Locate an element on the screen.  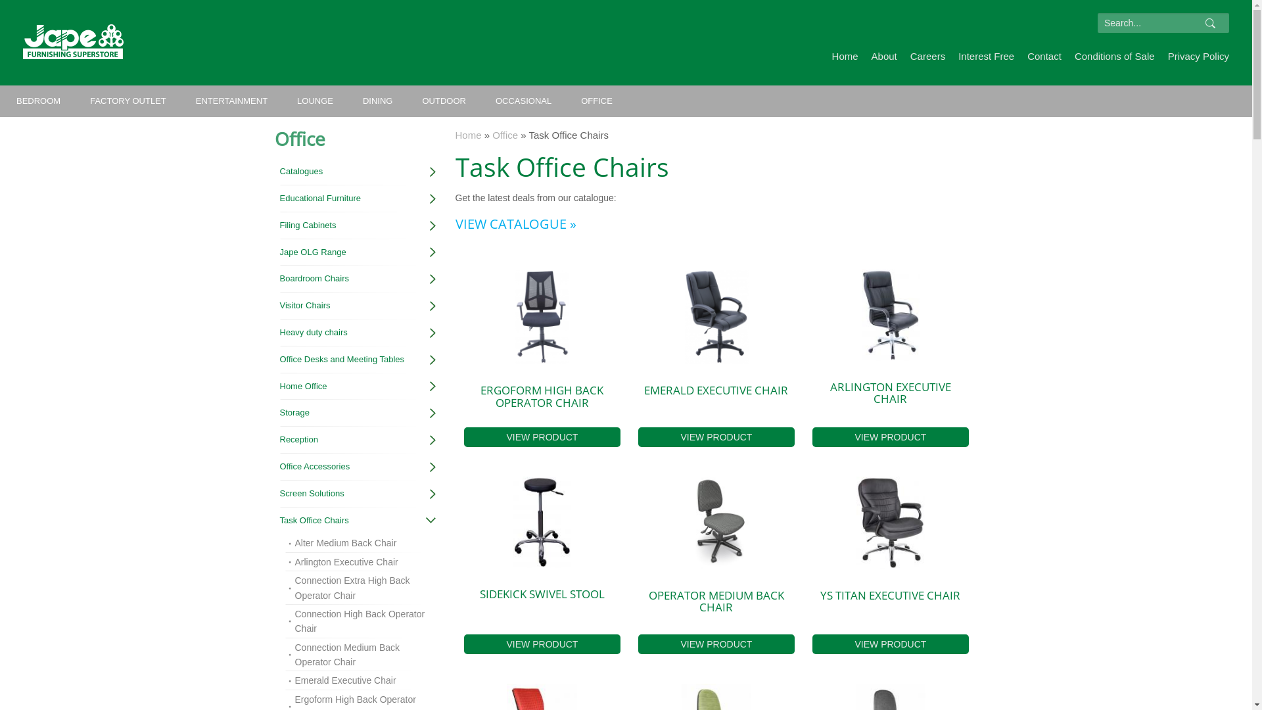
'Interest Free' is located at coordinates (986, 55).